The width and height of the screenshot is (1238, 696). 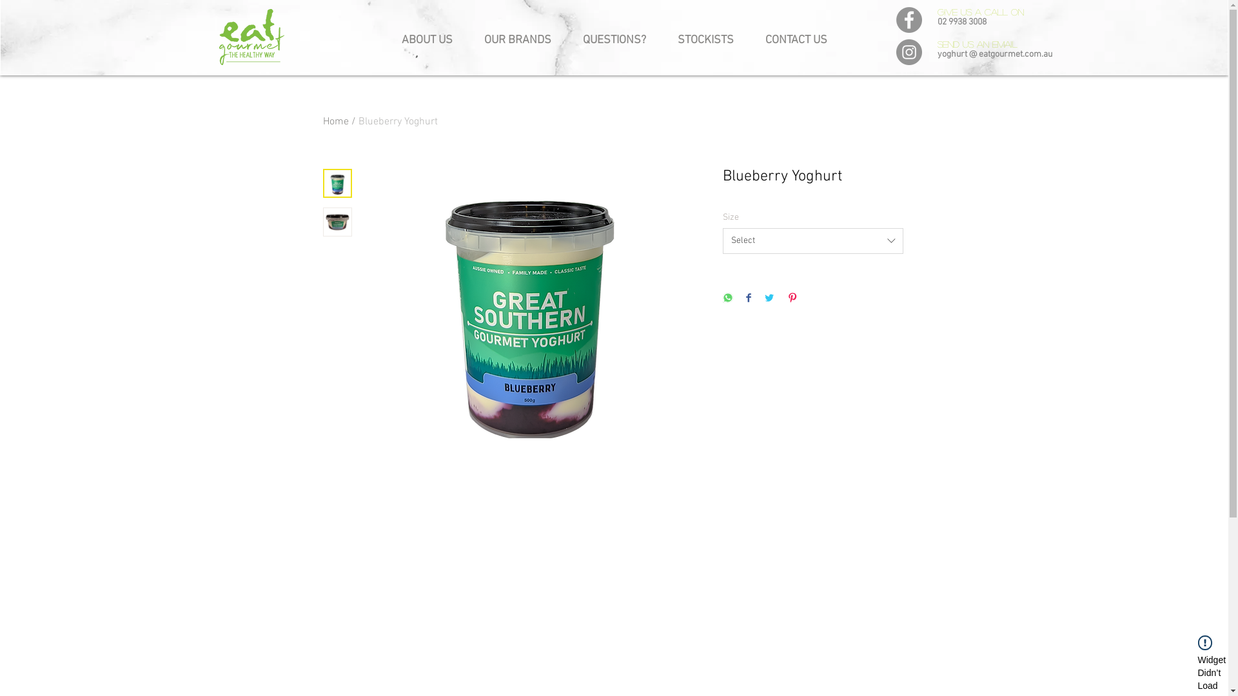 I want to click on 'OUR BRANDS', so click(x=517, y=34).